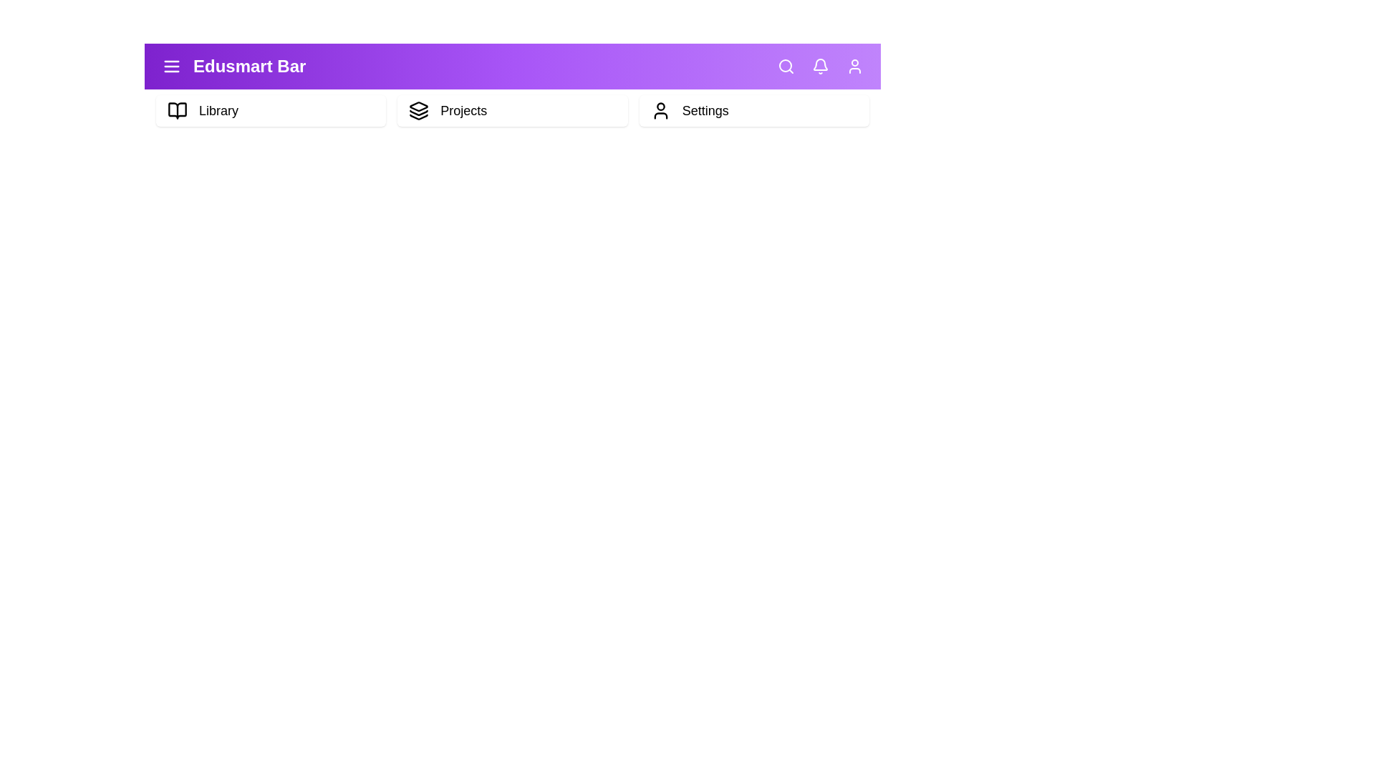 This screenshot has height=773, width=1375. Describe the element at coordinates (786, 66) in the screenshot. I see `the 'Search' icon to initiate a search action` at that location.